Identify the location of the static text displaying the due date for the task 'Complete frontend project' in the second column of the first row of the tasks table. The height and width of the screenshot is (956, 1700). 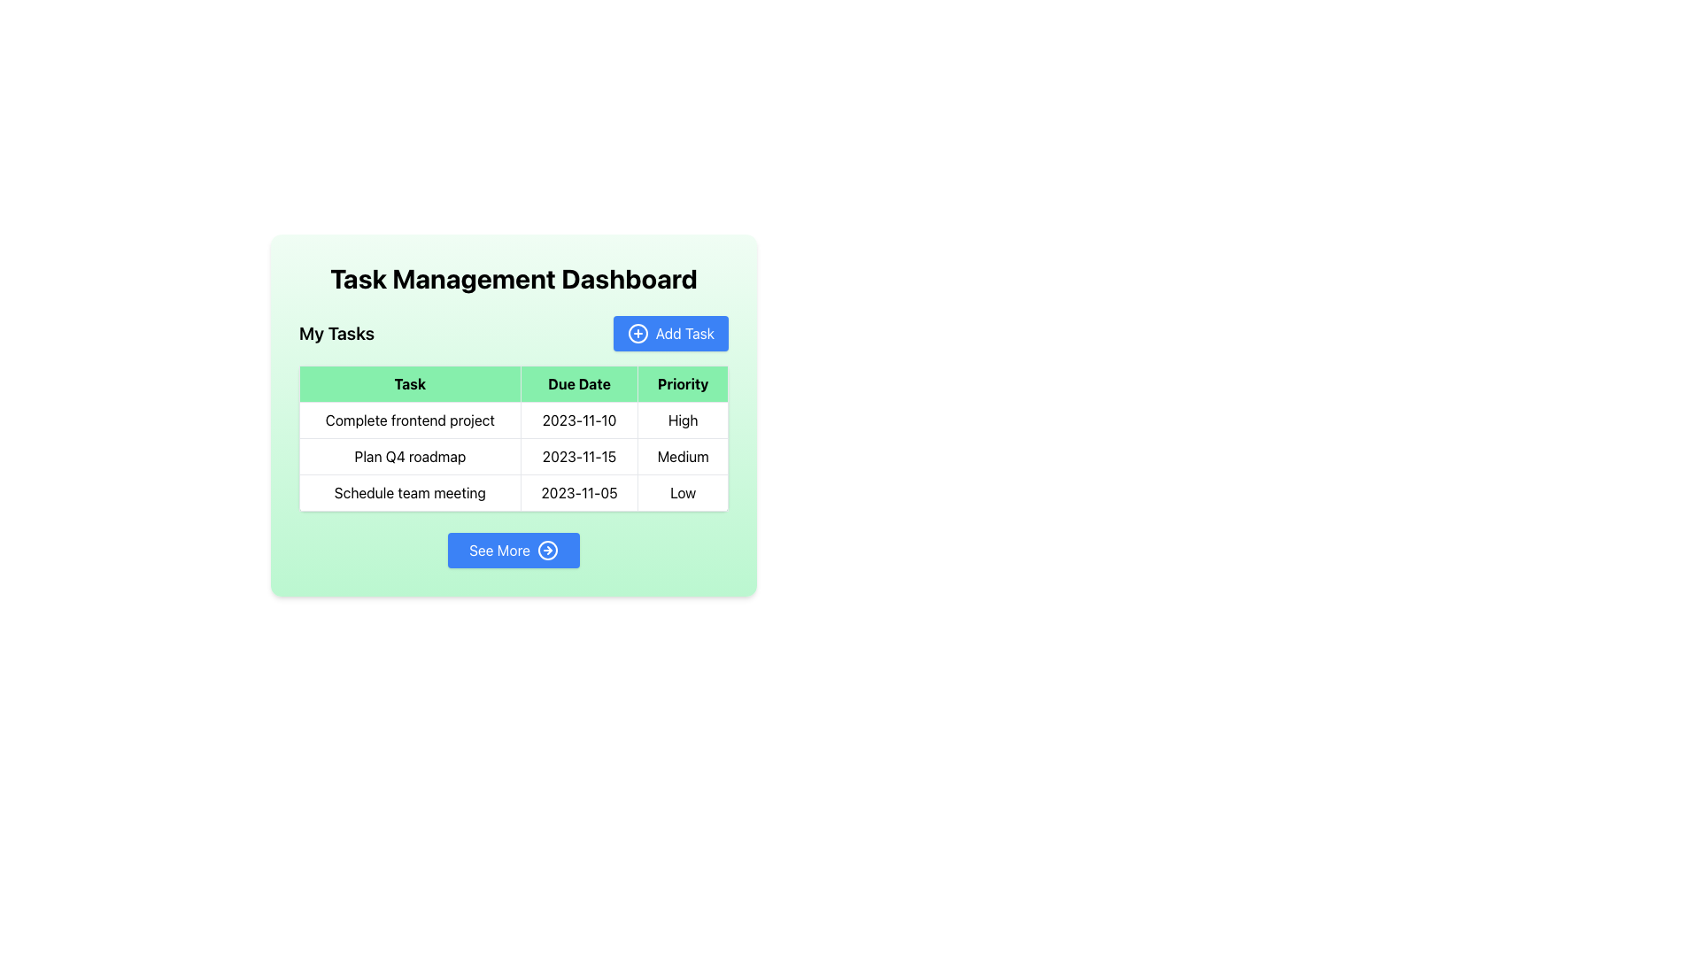
(579, 420).